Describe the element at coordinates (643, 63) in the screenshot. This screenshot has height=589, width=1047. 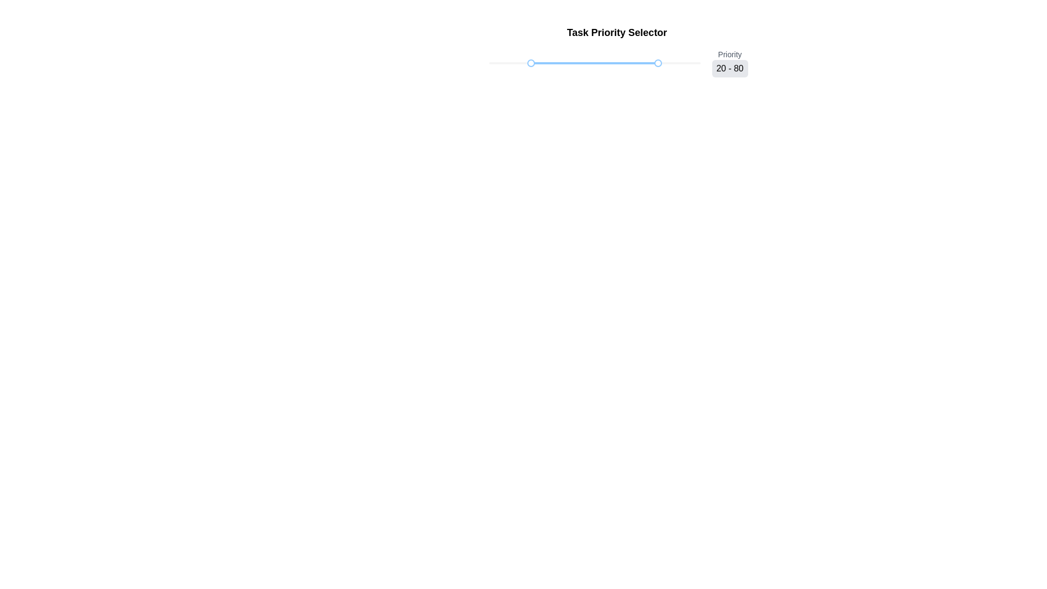
I see `the priority slider` at that location.